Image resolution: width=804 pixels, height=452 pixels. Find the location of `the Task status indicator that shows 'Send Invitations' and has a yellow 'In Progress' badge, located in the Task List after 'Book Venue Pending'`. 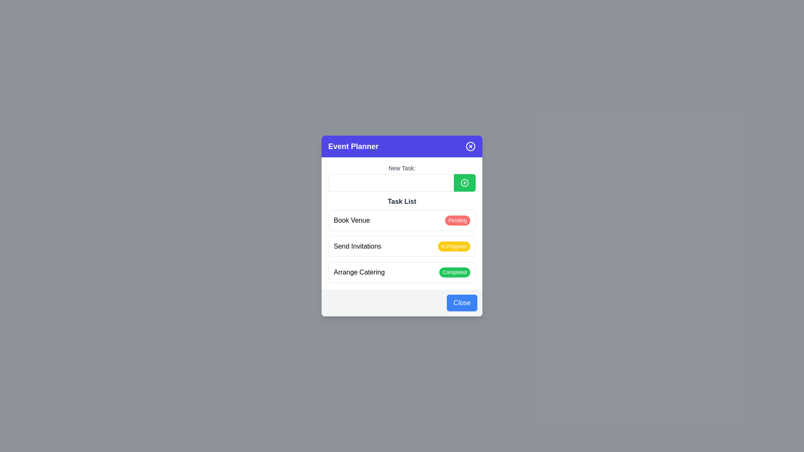

the Task status indicator that shows 'Send Invitations' and has a yellow 'In Progress' badge, located in the Task List after 'Book Venue Pending' is located at coordinates (402, 246).